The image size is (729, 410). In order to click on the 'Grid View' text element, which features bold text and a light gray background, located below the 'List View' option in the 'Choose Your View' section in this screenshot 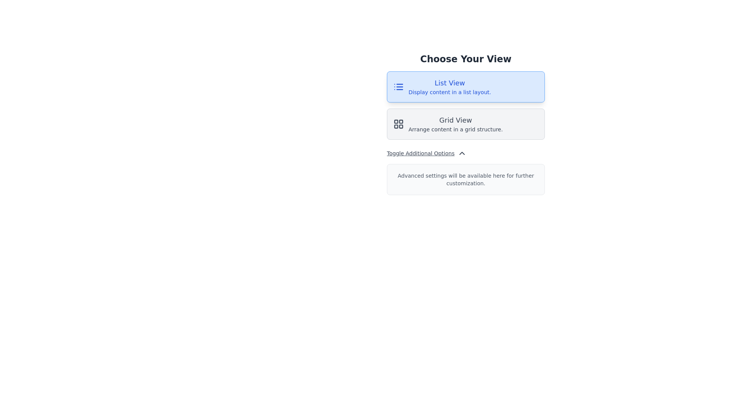, I will do `click(456, 124)`.